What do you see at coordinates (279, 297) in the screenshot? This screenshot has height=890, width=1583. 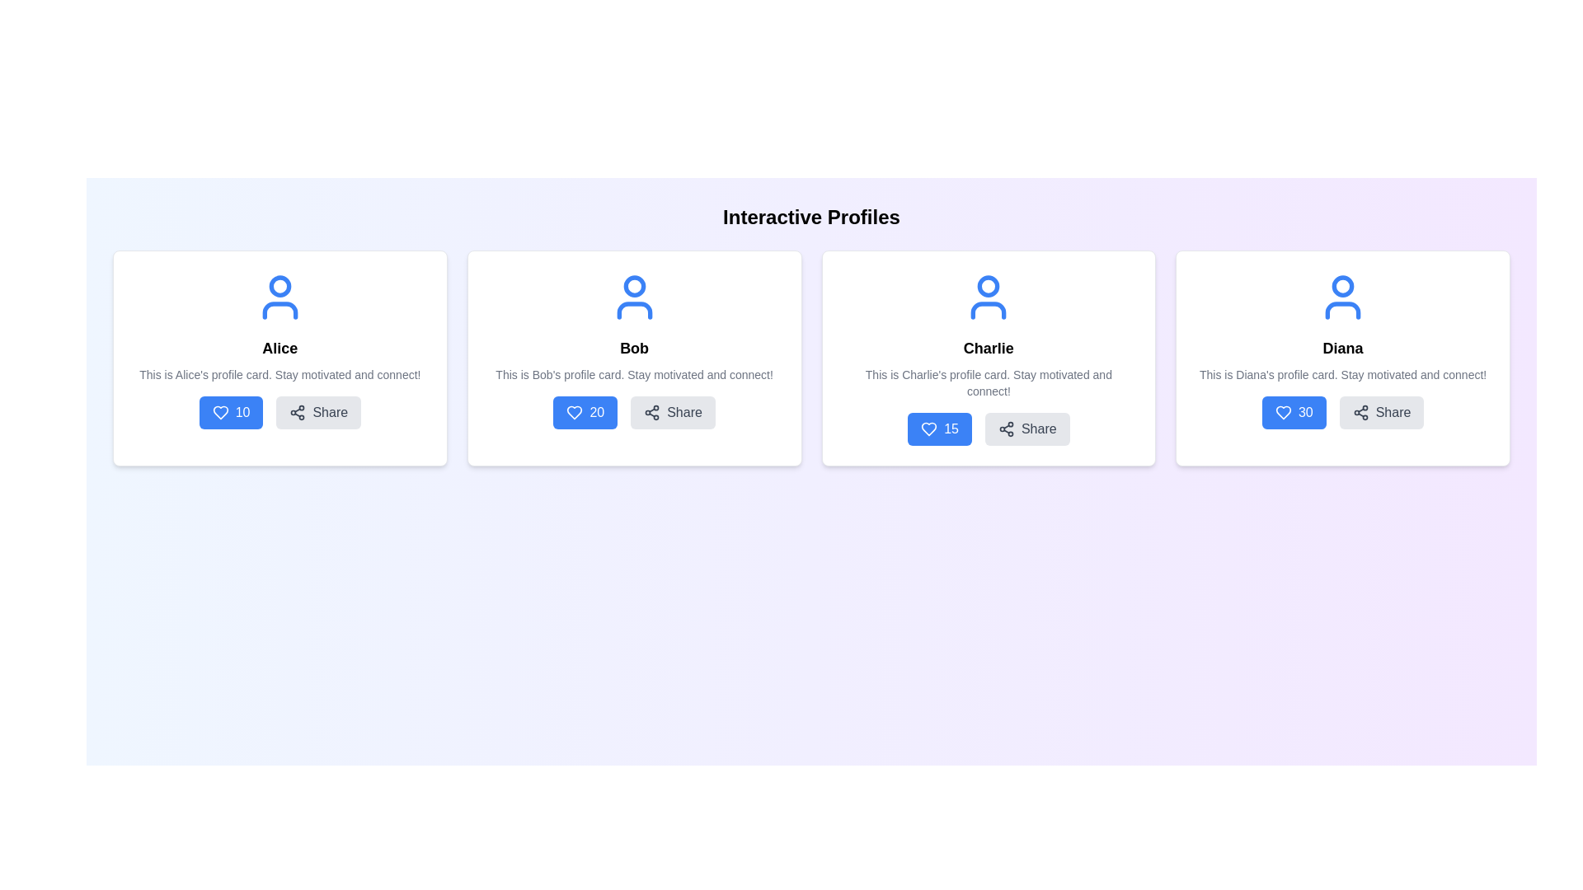 I see `the user profile represented by the SVG icon located at the top of Alice's profile card, centered above her name and description` at bounding box center [279, 297].